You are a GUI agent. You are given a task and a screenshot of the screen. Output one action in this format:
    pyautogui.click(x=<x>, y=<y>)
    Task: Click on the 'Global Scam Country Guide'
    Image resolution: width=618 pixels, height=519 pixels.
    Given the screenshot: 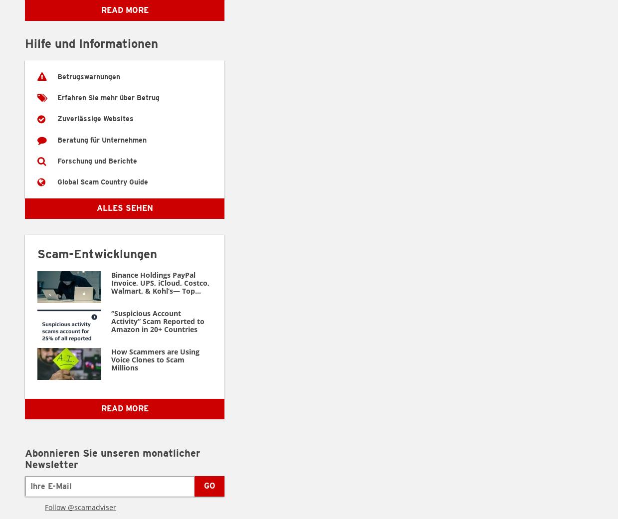 What is the action you would take?
    pyautogui.click(x=57, y=181)
    